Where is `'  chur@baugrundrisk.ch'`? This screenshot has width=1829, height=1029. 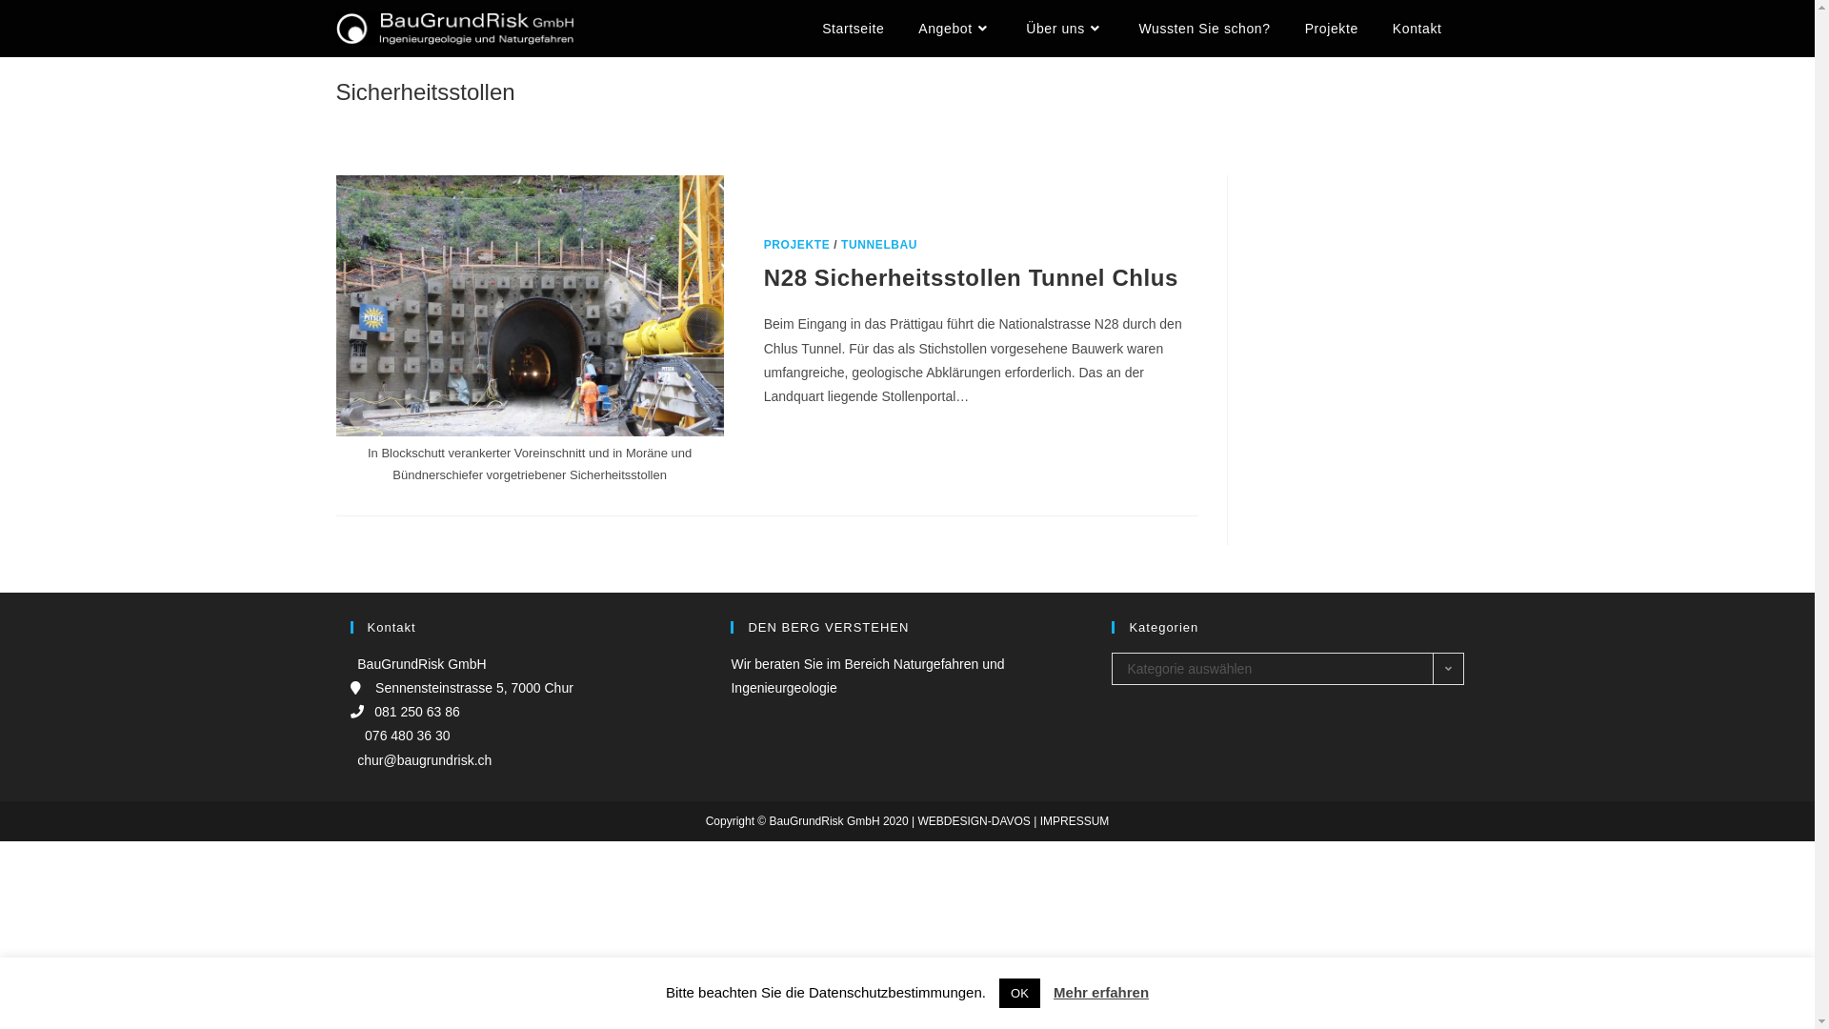 '  chur@baugrundrisk.ch' is located at coordinates (420, 759).